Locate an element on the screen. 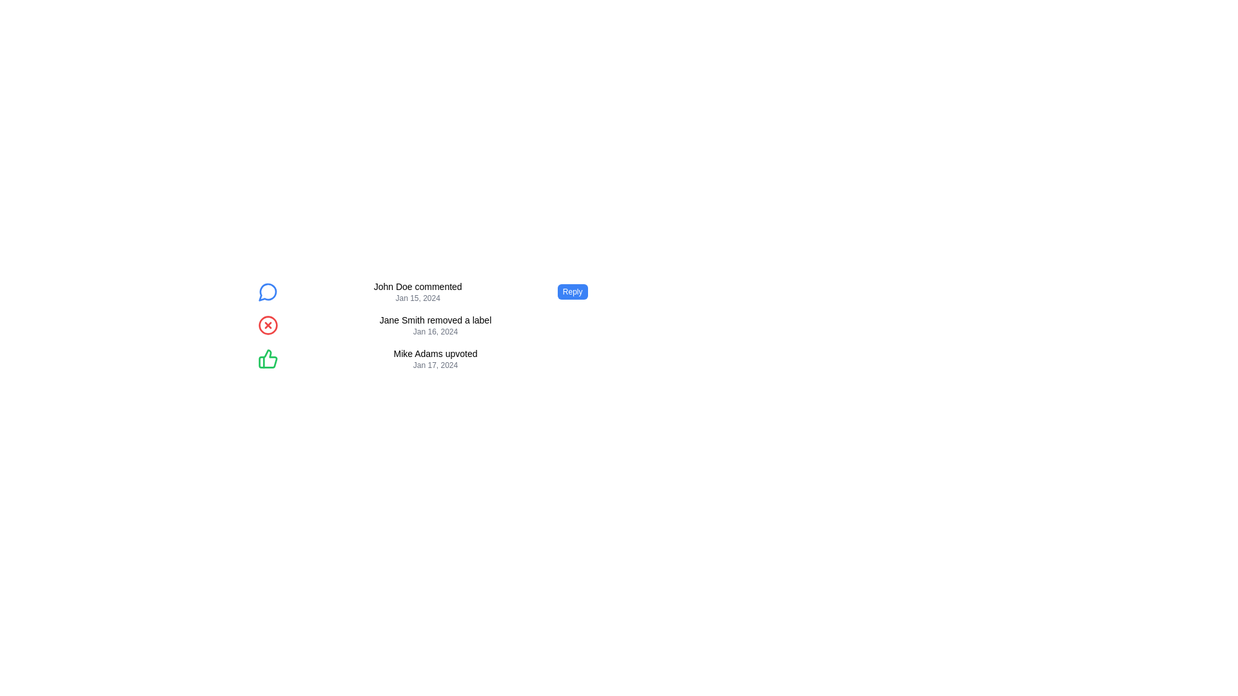 Image resolution: width=1238 pixels, height=696 pixels. the second text label element in the activity list indicating label removal by 'Jane Smith', positioned between 'John Doe commented Jan 15, 2024' and 'Mike Adams upvoted Jan 17, 2024' is located at coordinates (435, 325).